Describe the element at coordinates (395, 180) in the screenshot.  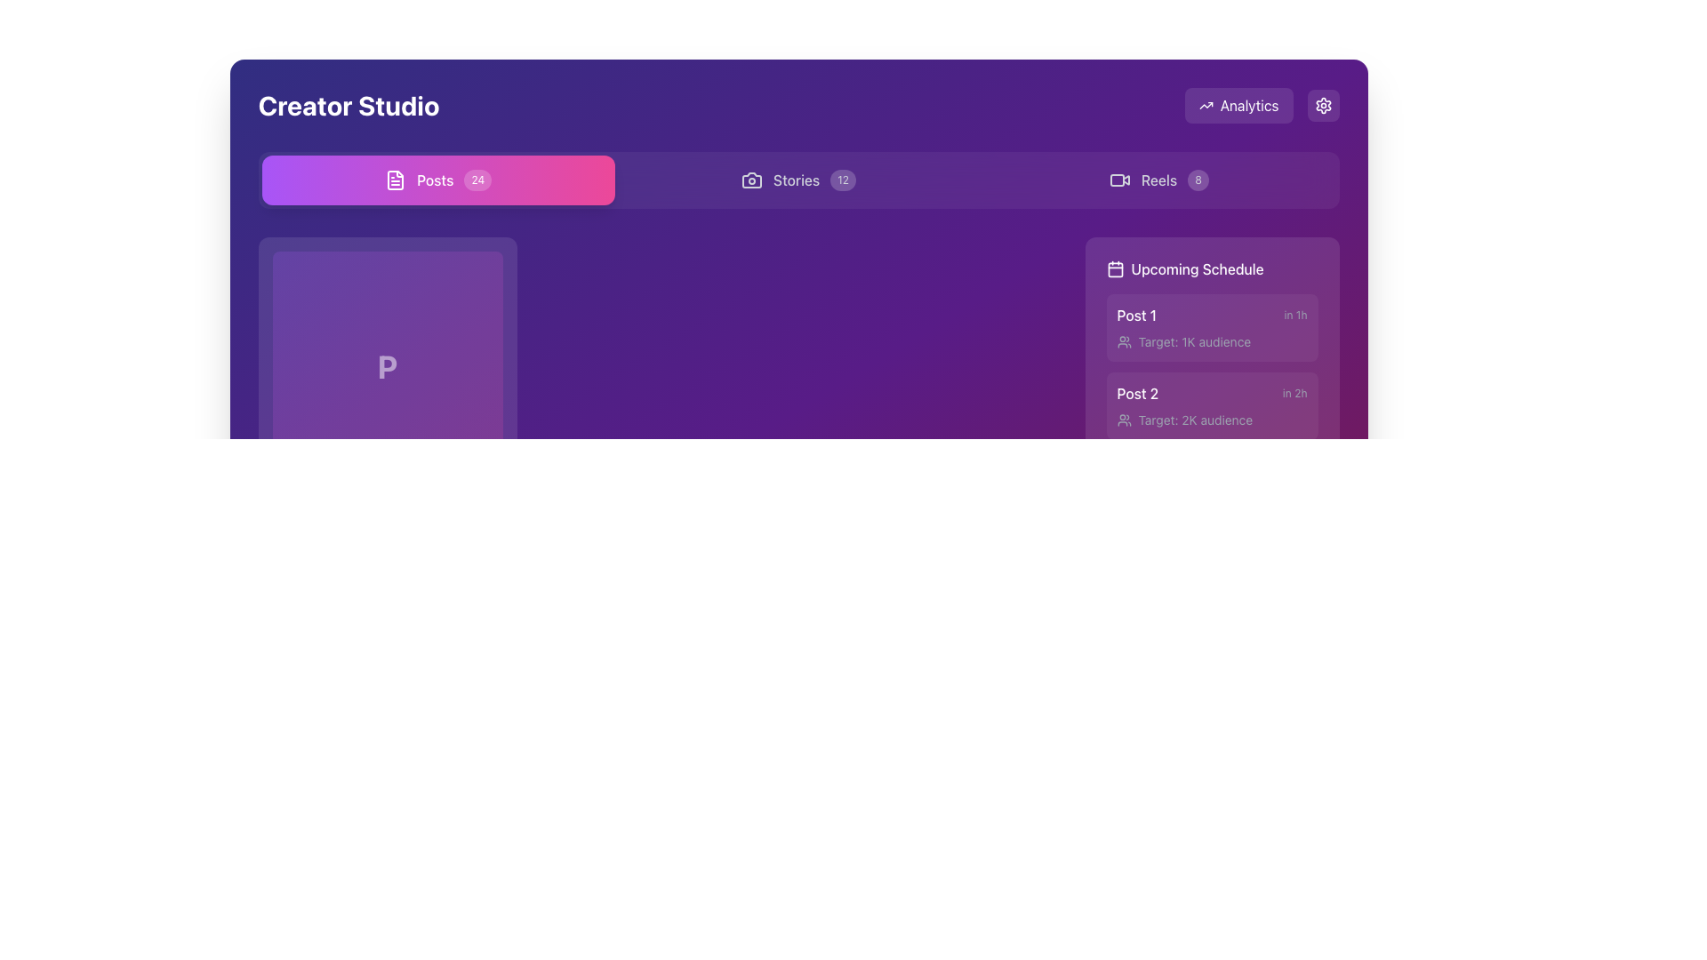
I see `the icon representing a collection of posts or files located on the left side of the 'Posts 24' button in the horizontal navigation menu` at that location.